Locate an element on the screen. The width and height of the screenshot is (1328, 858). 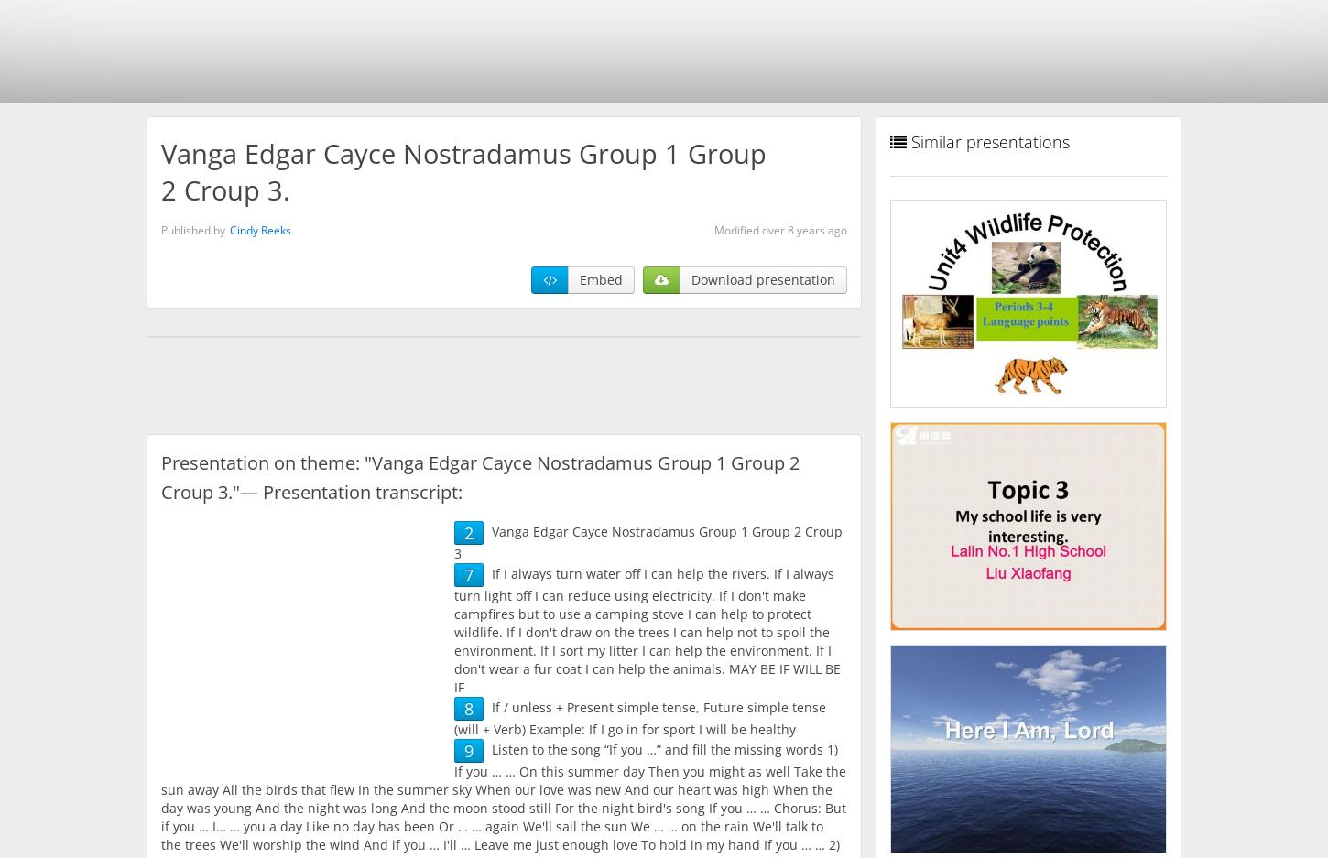
'Presentation on theme: "Vanga Edgar Cayce Nostradamus Group 1 Group 2 Croup 3."— Presentation transcript:' is located at coordinates (480, 476).